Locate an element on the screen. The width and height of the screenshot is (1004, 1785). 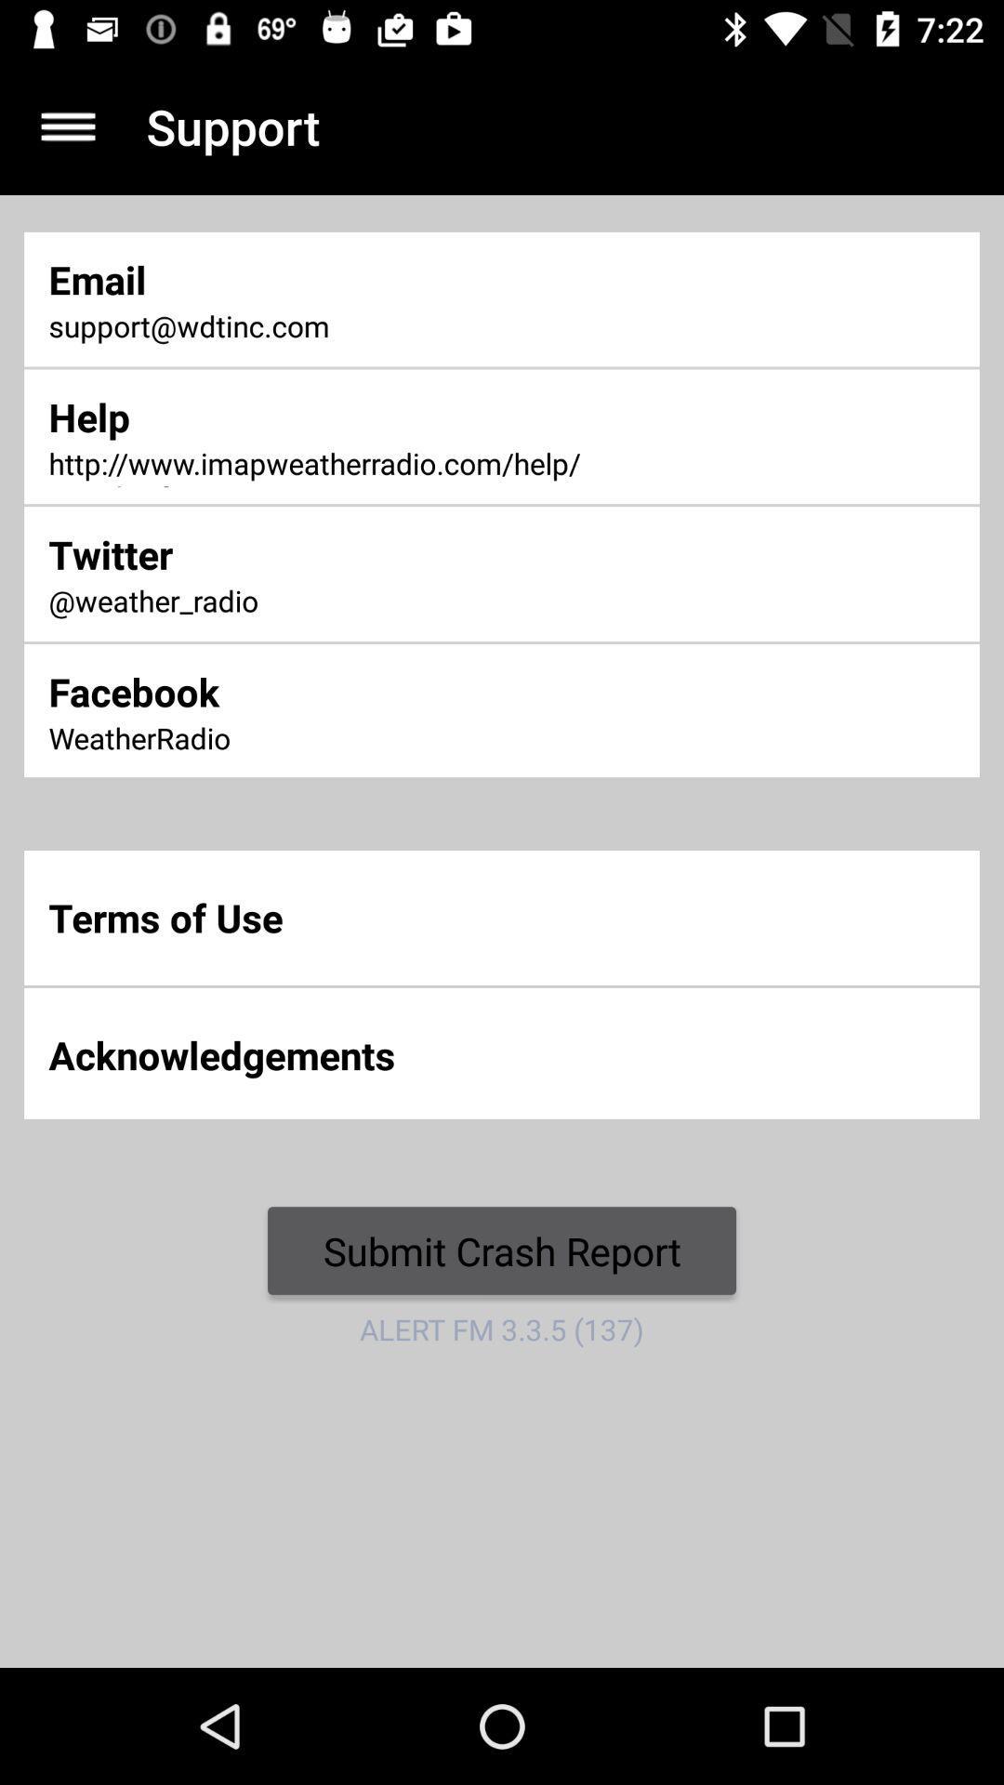
item above support@wdtinc.com icon is located at coordinates (333, 278).